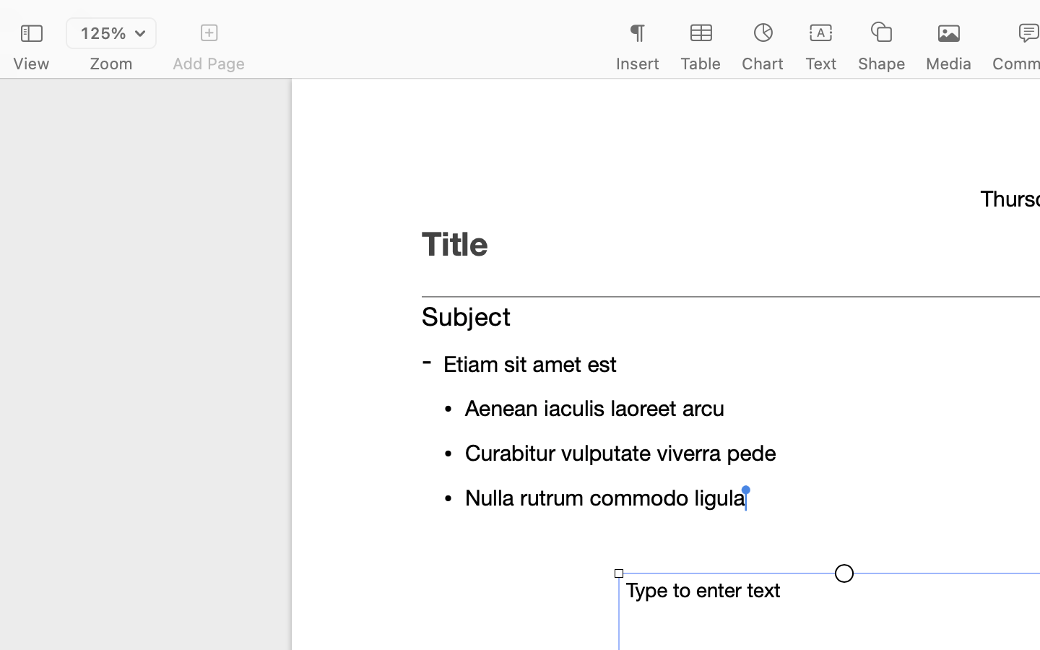 The height and width of the screenshot is (650, 1040). What do you see at coordinates (636, 63) in the screenshot?
I see `'Insert'` at bounding box center [636, 63].